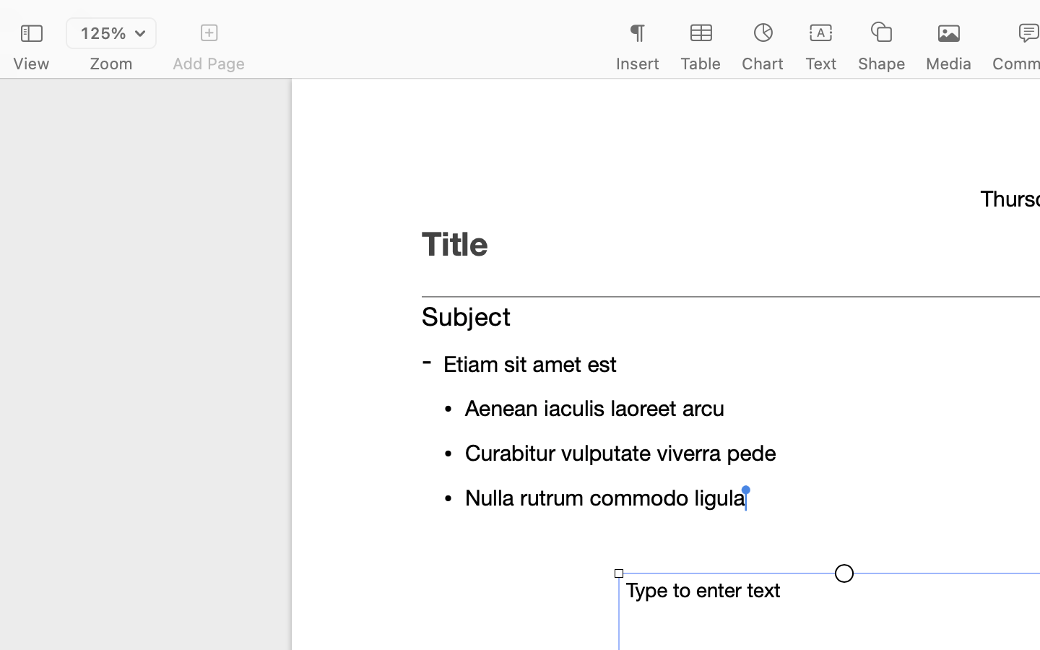 The height and width of the screenshot is (650, 1040). What do you see at coordinates (636, 63) in the screenshot?
I see `'Insert'` at bounding box center [636, 63].